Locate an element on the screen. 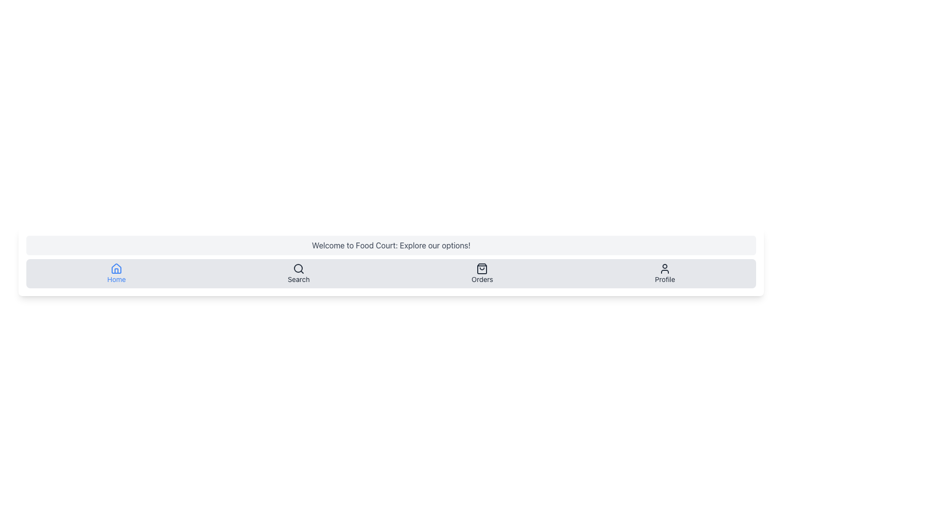  the circular lens component of the search icon located in the bottom navigation bar, positioned between the Home icon and the Orders icon is located at coordinates (297, 268).